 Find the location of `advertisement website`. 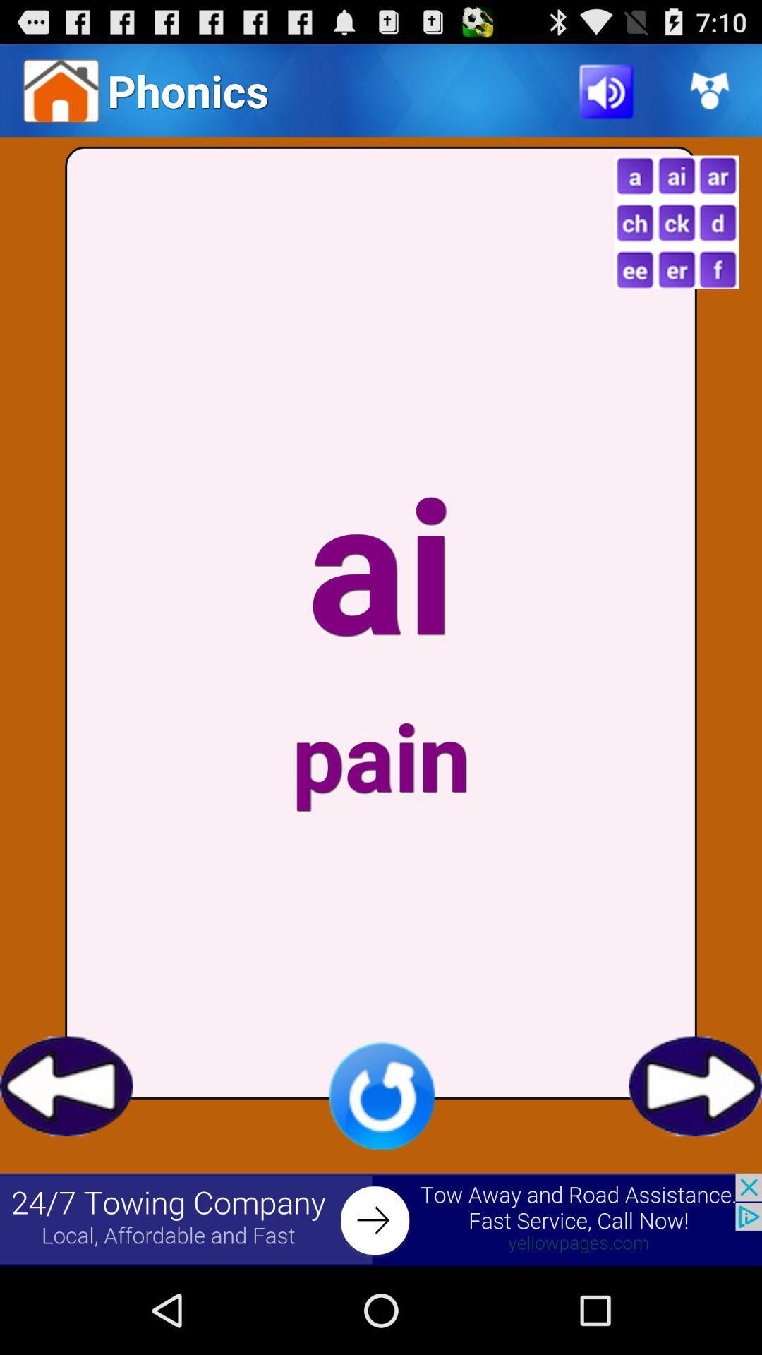

advertisement website is located at coordinates (381, 1219).